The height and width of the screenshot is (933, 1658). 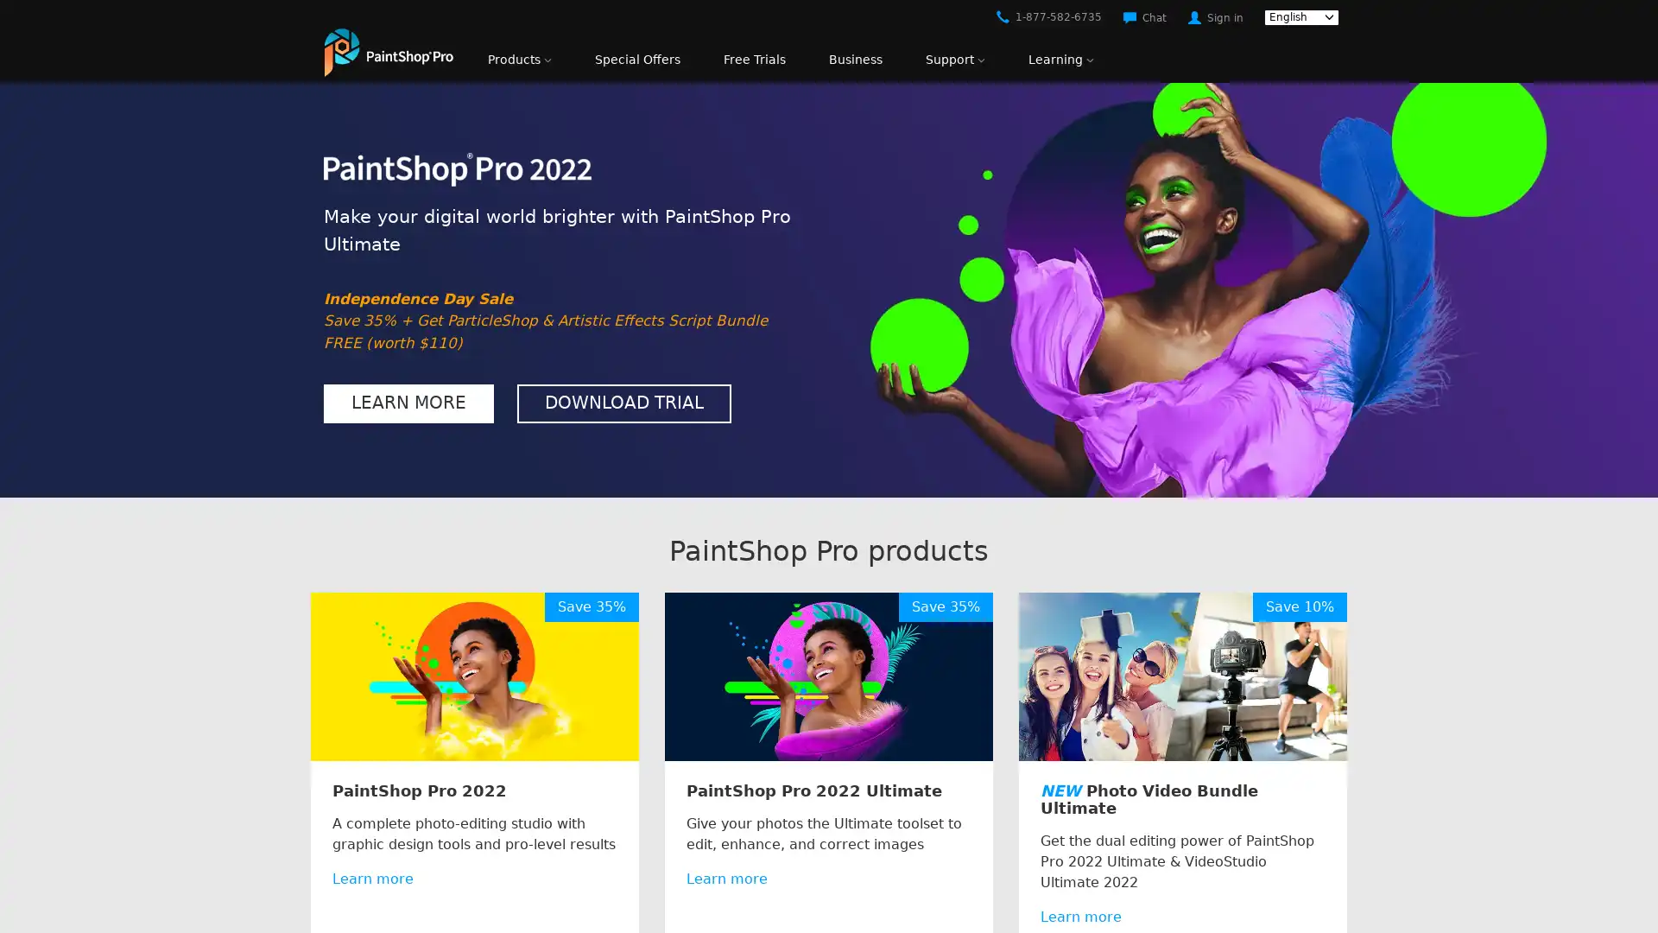 I want to click on Close, so click(x=1629, y=879).